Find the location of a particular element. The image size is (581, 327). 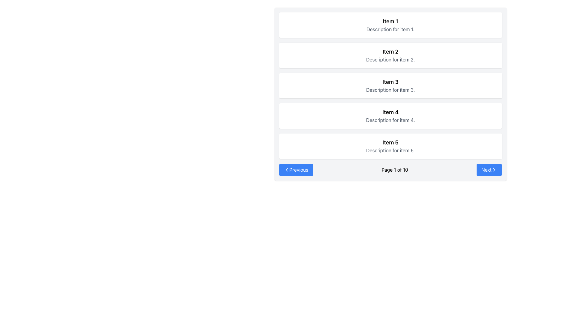

the text block providing additional descriptive information related to 'Item 1', which is located directly beneath the 'Item 1' heading is located at coordinates (390, 29).